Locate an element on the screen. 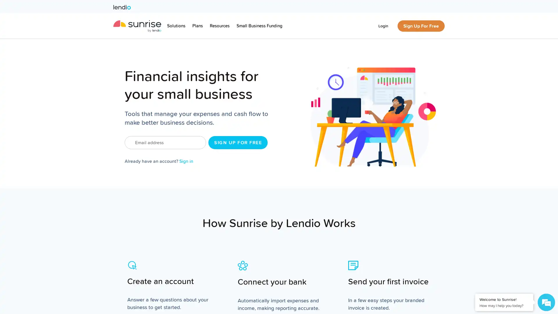  SIGN UP FOR FREE is located at coordinates (238, 142).